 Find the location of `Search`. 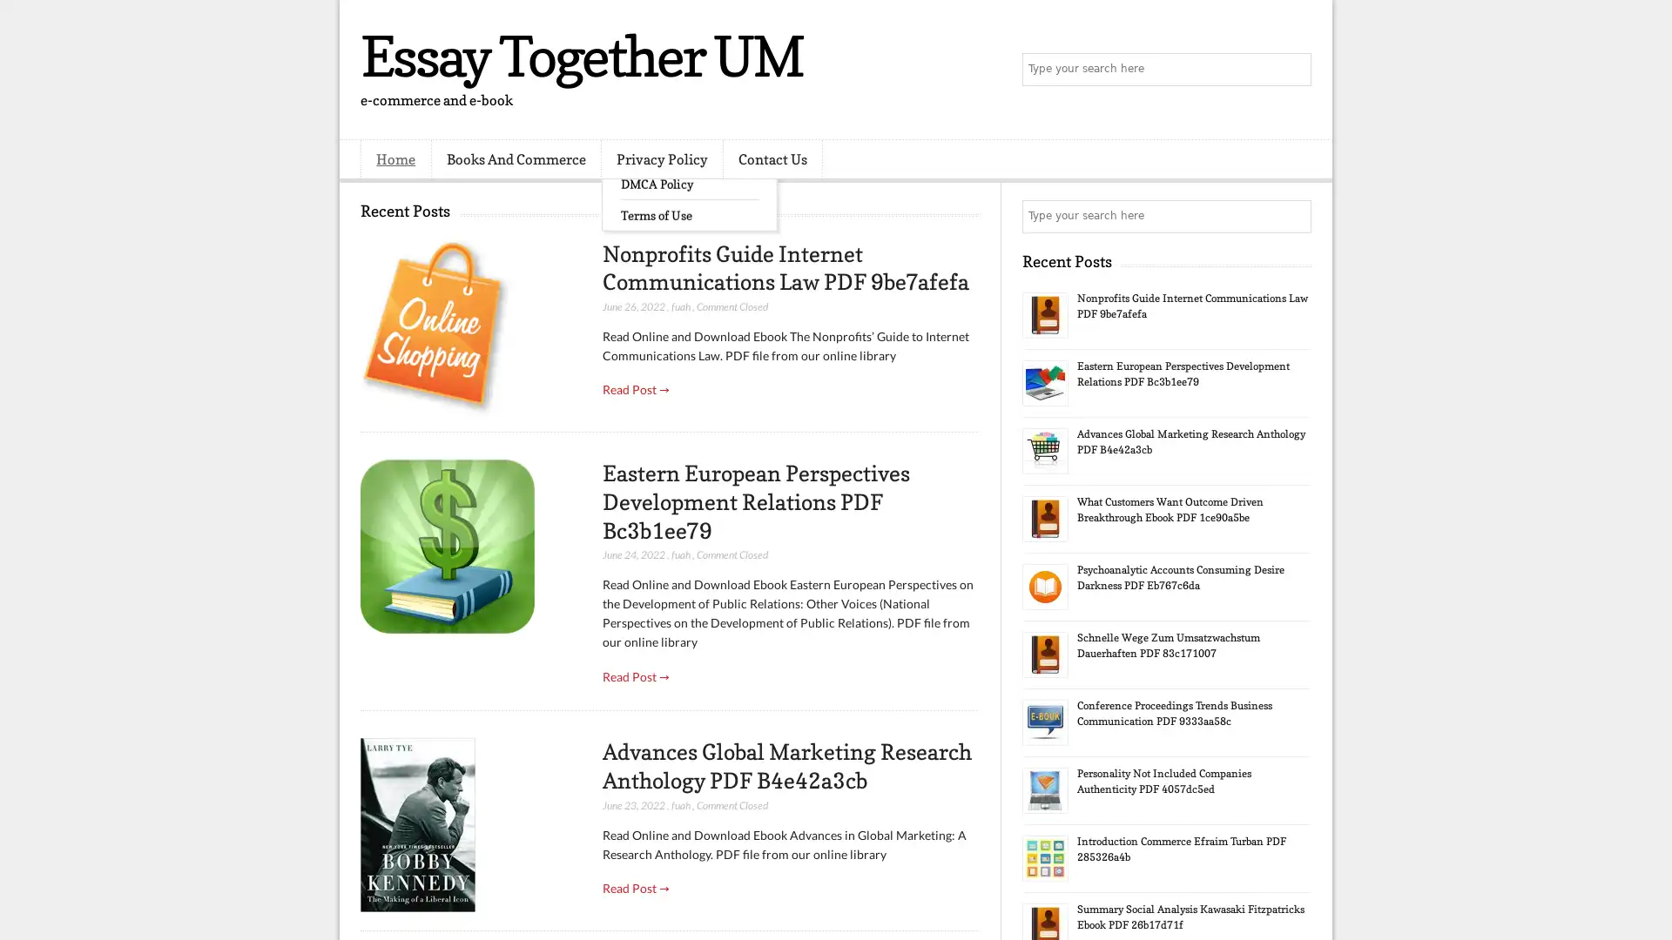

Search is located at coordinates (1293, 70).